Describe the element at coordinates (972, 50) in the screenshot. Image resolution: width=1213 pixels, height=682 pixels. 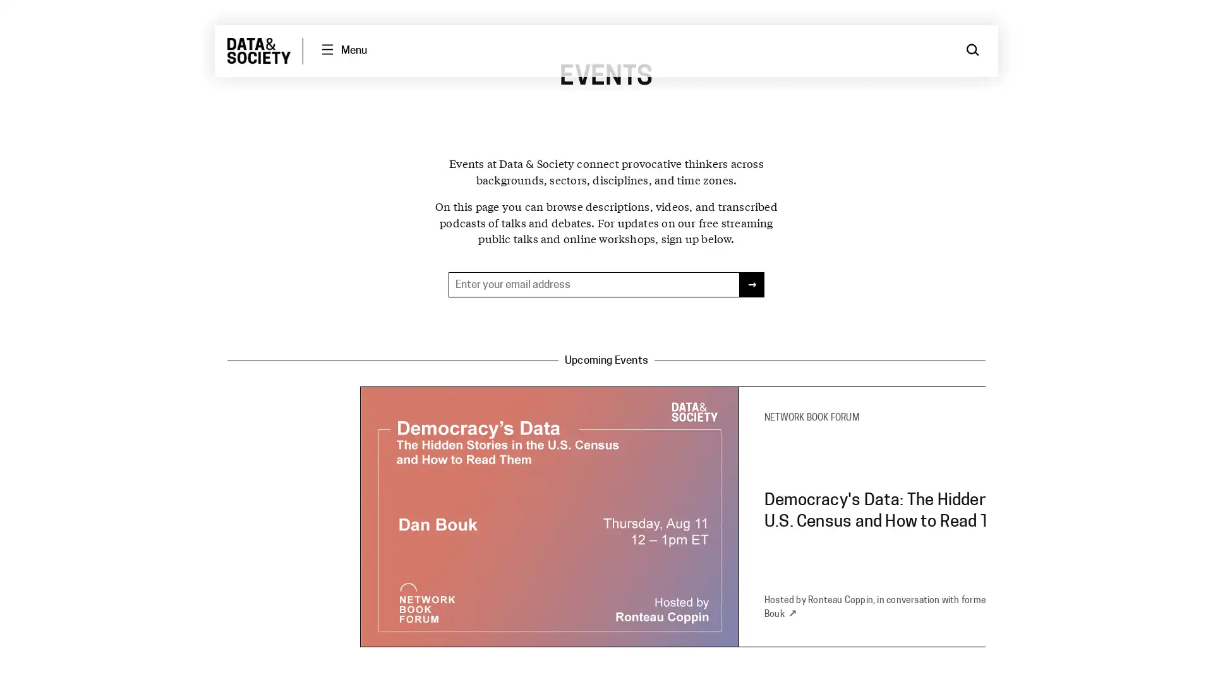
I see `Search` at that location.